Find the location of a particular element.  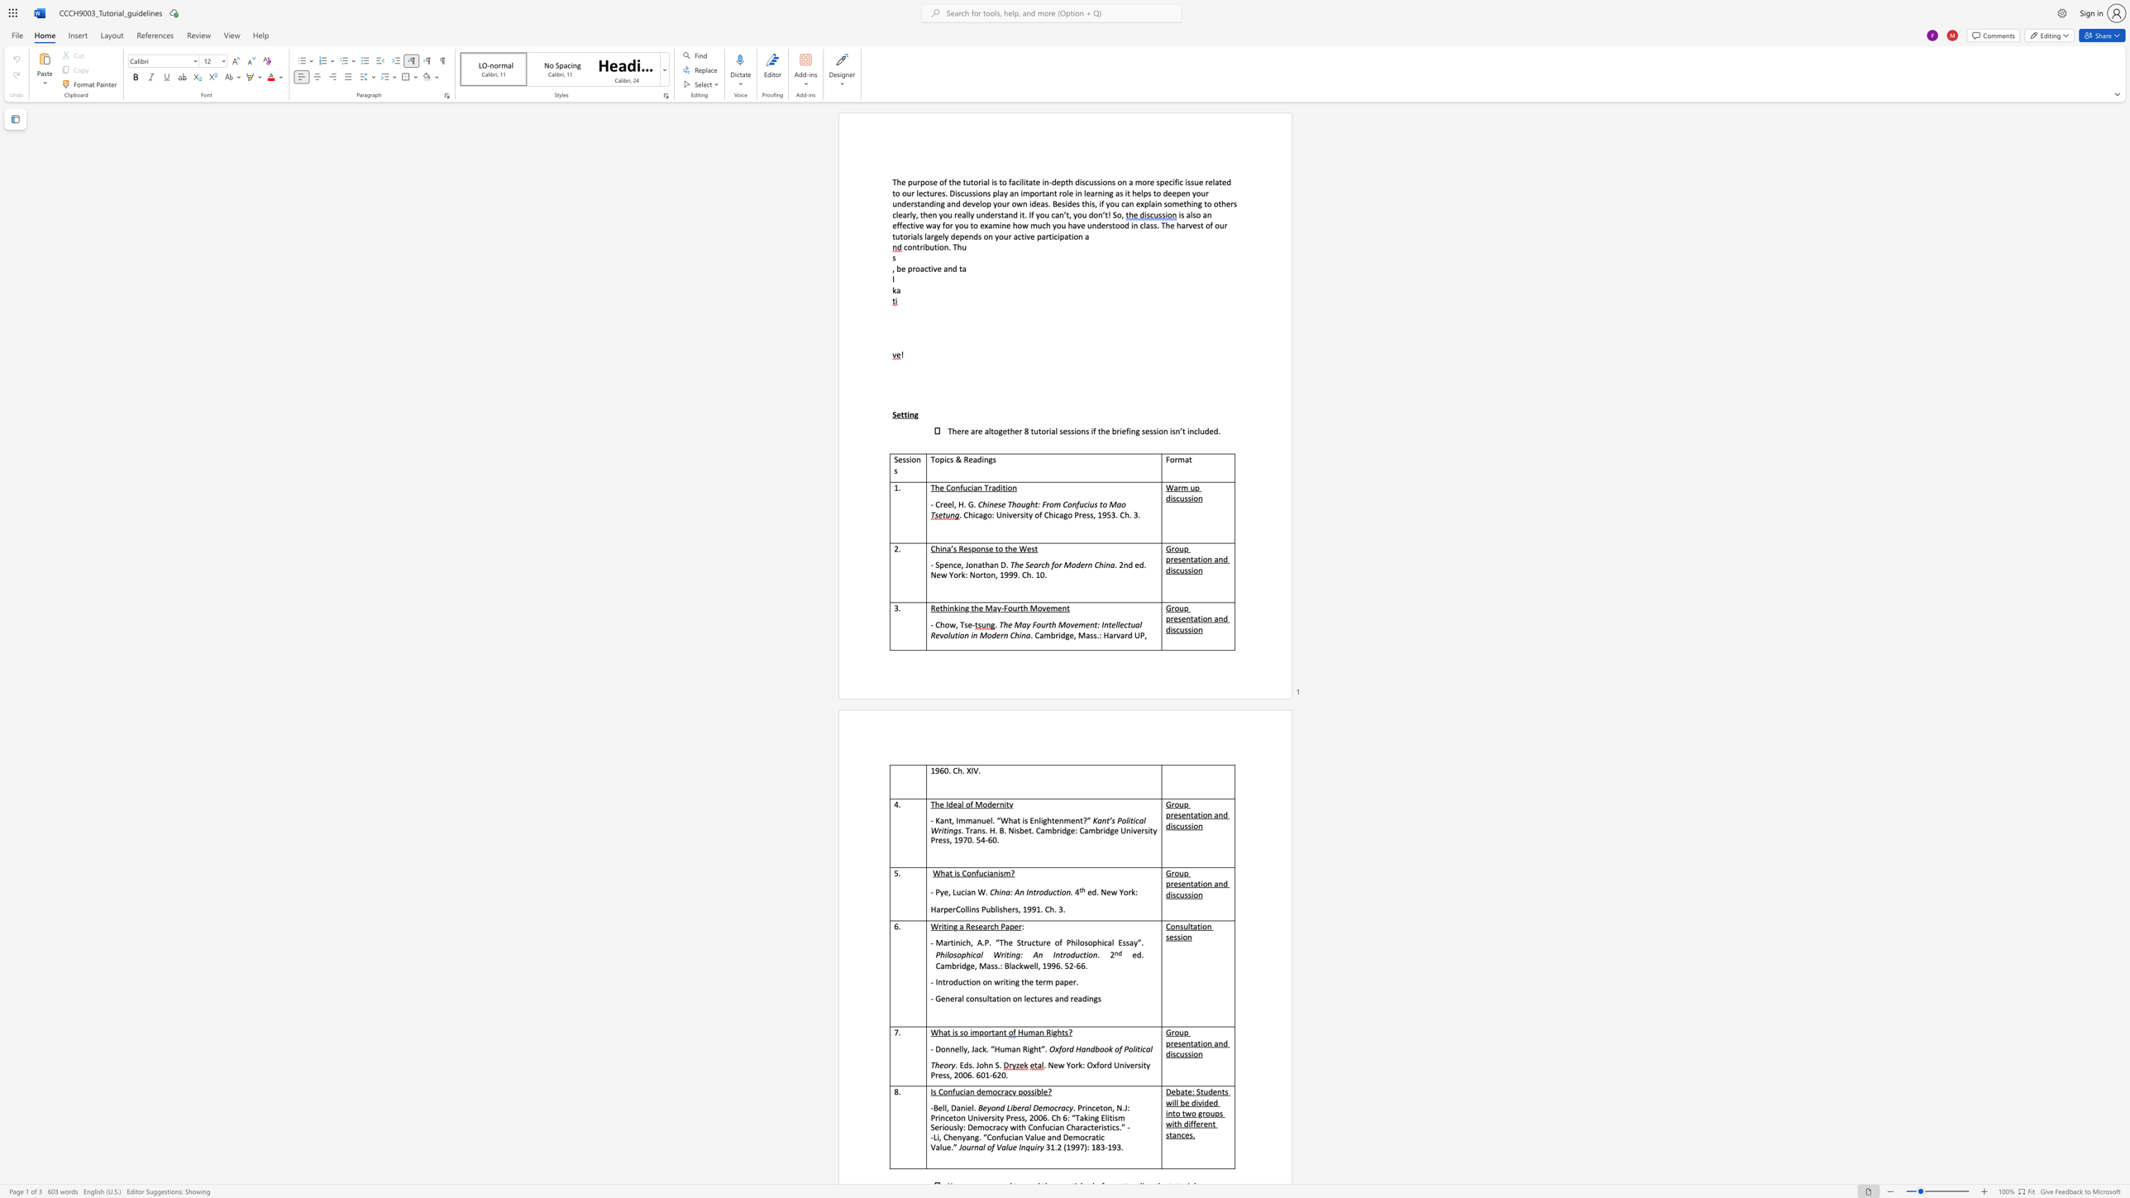

the subset text ": Oxford Univer" within the text ". New York: Oxford University Press, 2006. 601-620." is located at coordinates (1082, 1064).